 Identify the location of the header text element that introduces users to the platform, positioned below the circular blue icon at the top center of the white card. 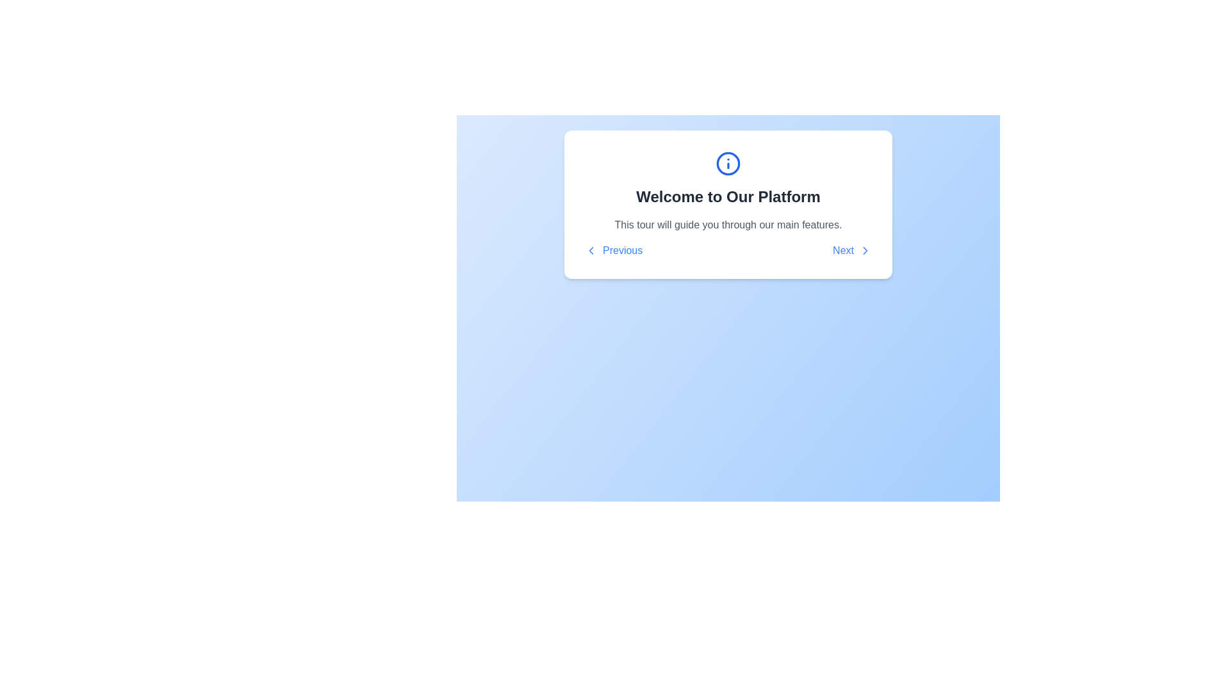
(728, 197).